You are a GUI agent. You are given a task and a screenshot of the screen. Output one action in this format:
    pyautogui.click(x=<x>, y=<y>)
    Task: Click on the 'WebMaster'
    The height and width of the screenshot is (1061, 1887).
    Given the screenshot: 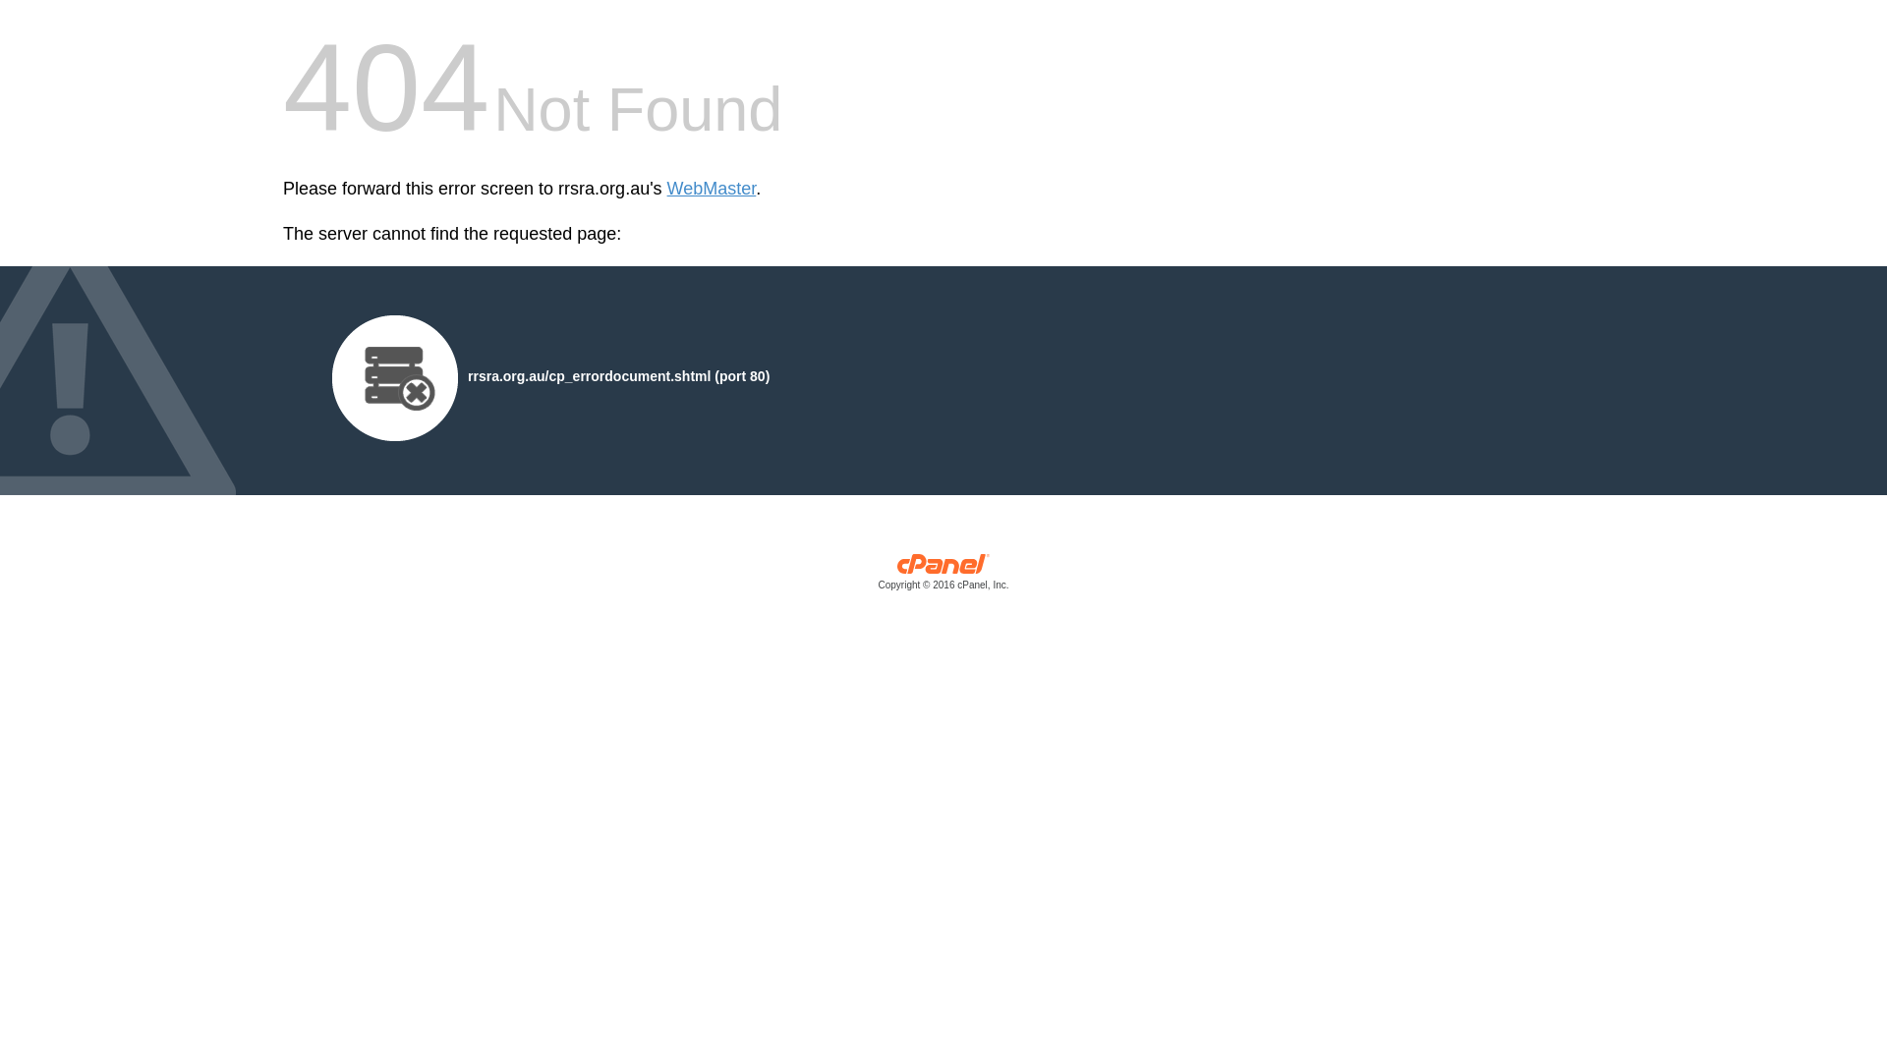 What is the action you would take?
    pyautogui.click(x=666, y=189)
    